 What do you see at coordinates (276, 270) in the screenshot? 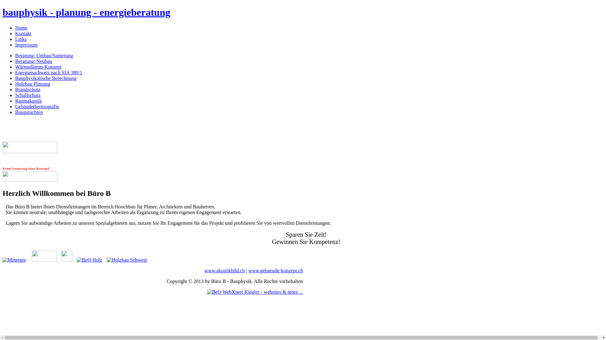
I see `'www.gebaeude-konzept.ch'` at bounding box center [276, 270].